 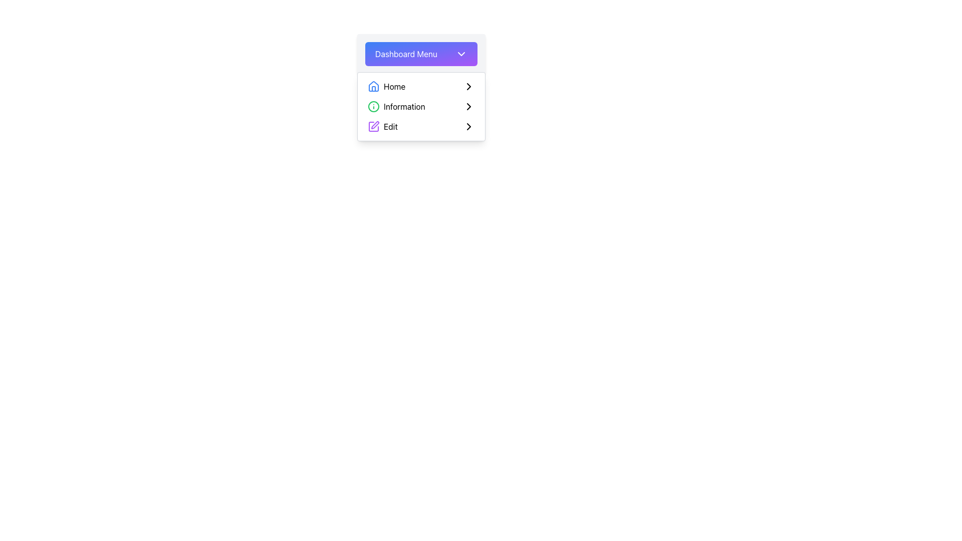 I want to click on the right-pointing chevron icon located to the right of the 'Information' menu item in the Dashboard Menu, so click(x=468, y=106).